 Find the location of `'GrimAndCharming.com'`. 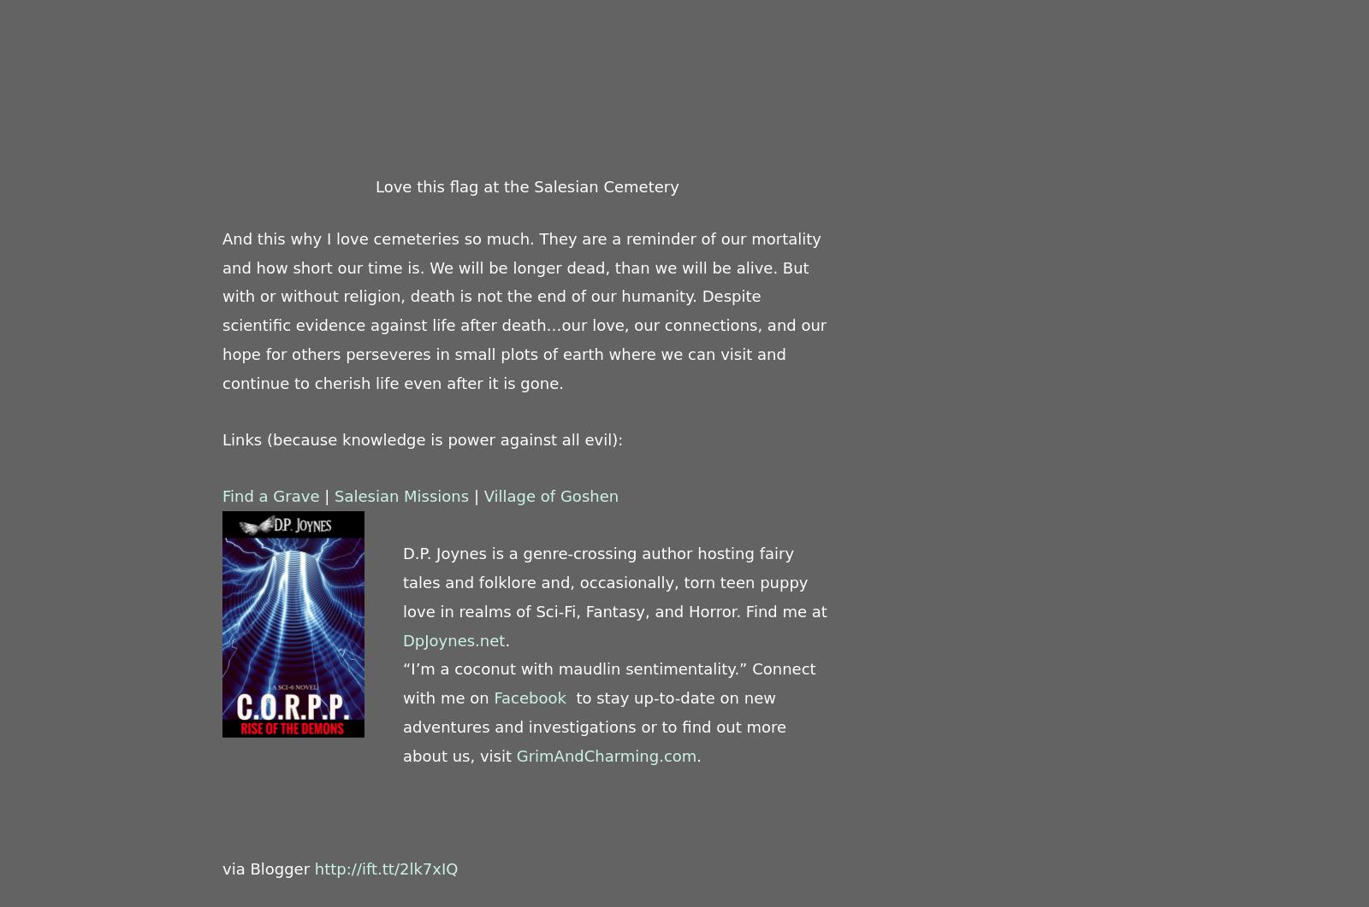

'GrimAndCharming.com' is located at coordinates (606, 755).